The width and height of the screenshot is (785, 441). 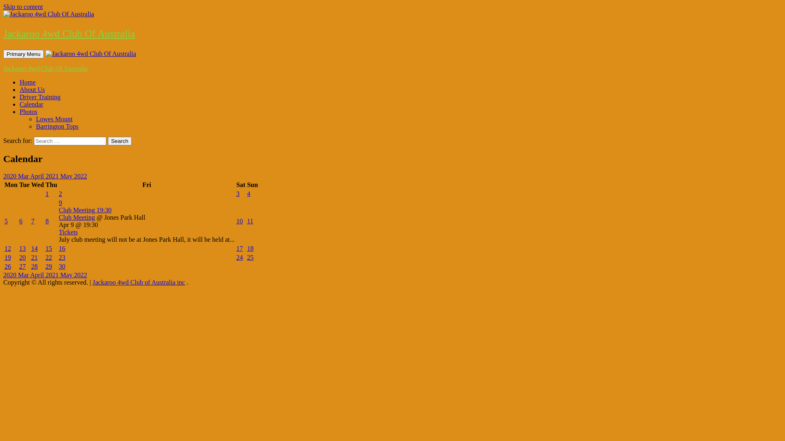 What do you see at coordinates (8, 257) in the screenshot?
I see `'19'` at bounding box center [8, 257].